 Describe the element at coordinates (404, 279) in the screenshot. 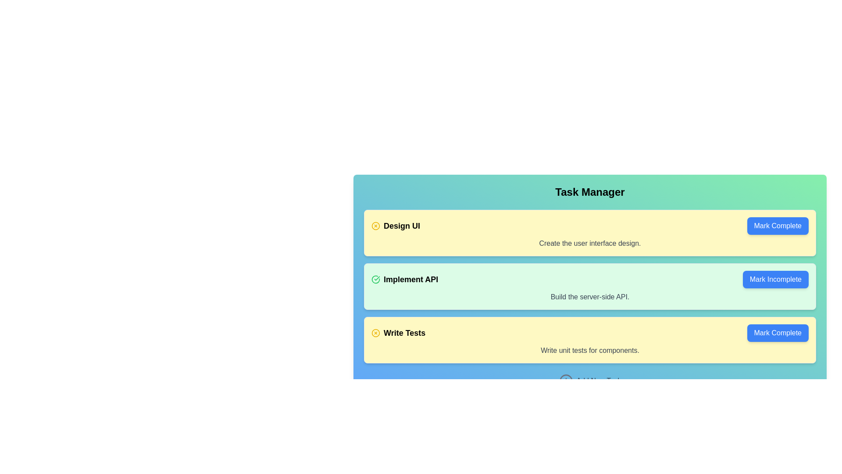

I see `the text label that describes the task 'Implement API', which is the second item in the vertical list of steps in the task management interface` at that location.